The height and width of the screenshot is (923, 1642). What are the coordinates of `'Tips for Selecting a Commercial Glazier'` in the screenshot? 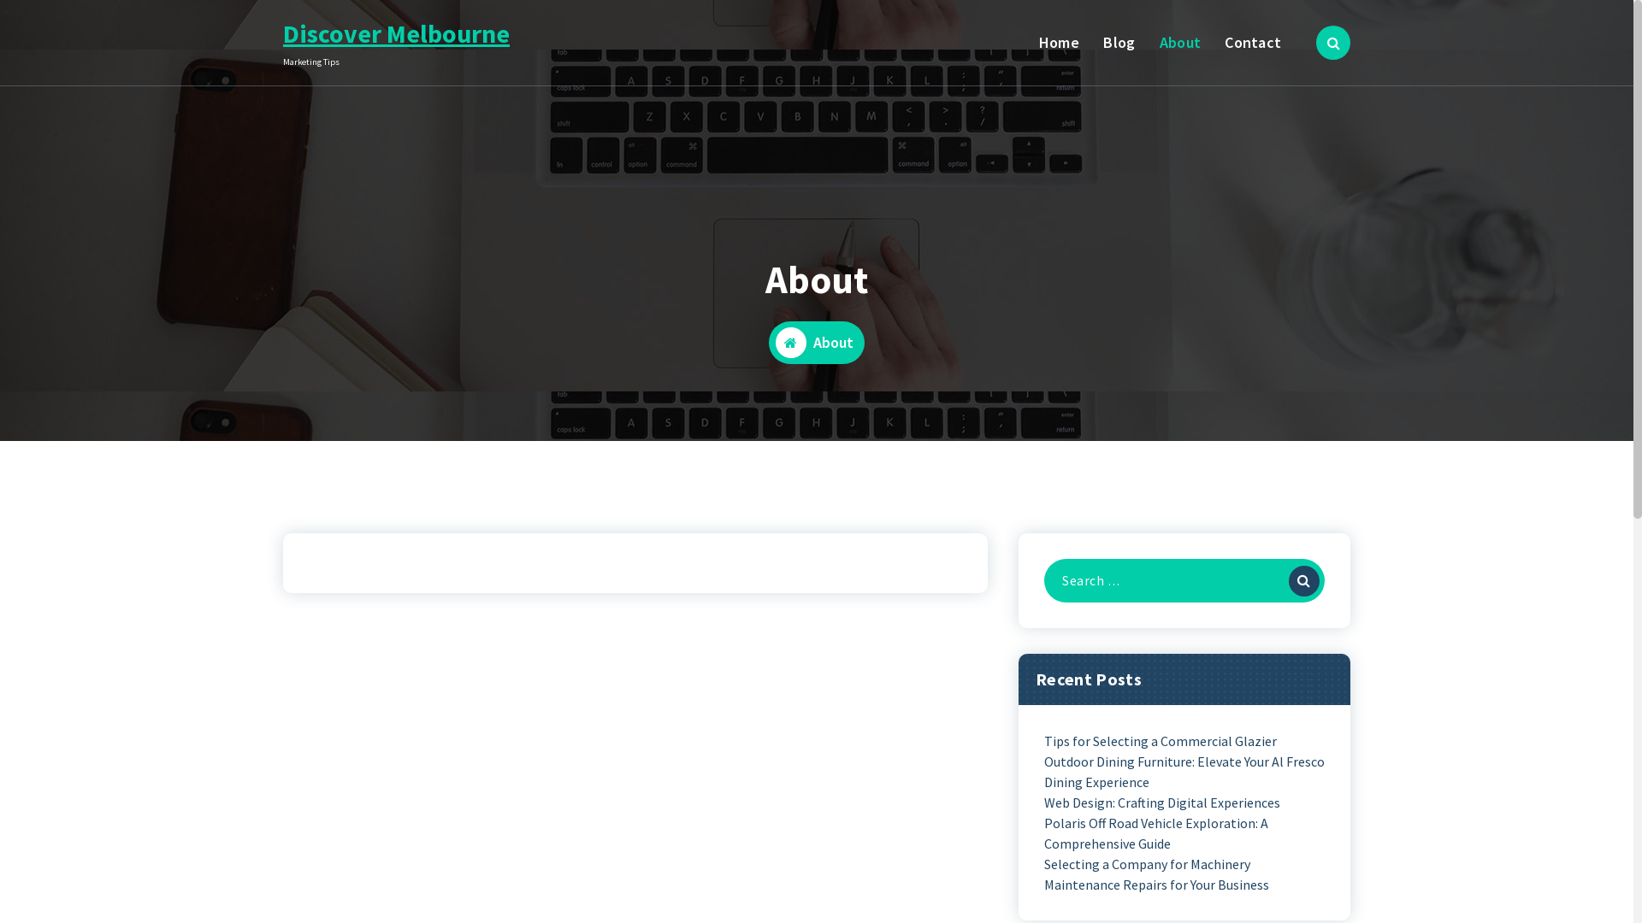 It's located at (1161, 740).